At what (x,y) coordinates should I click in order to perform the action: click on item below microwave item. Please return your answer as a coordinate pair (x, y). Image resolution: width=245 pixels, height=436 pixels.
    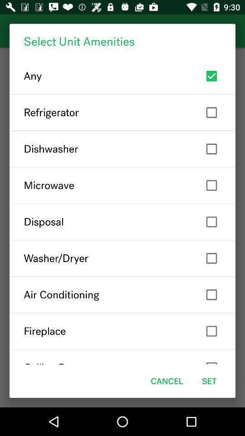
    Looking at the image, I should click on (122, 221).